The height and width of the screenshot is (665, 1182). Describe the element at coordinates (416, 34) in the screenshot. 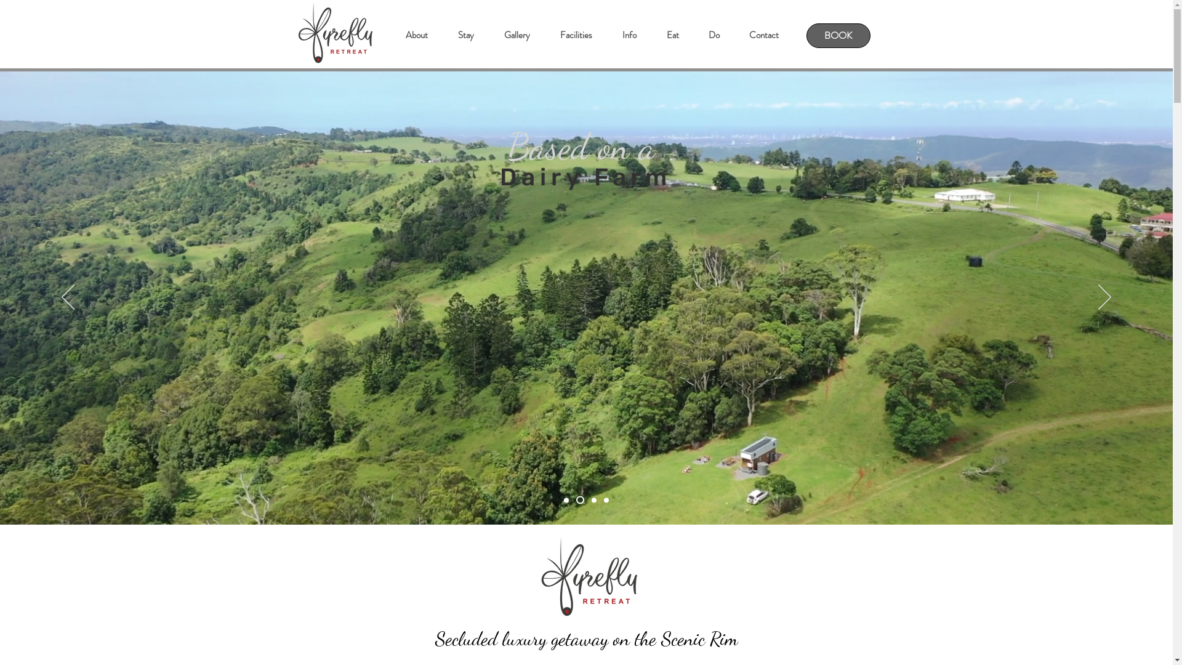

I see `'About'` at that location.